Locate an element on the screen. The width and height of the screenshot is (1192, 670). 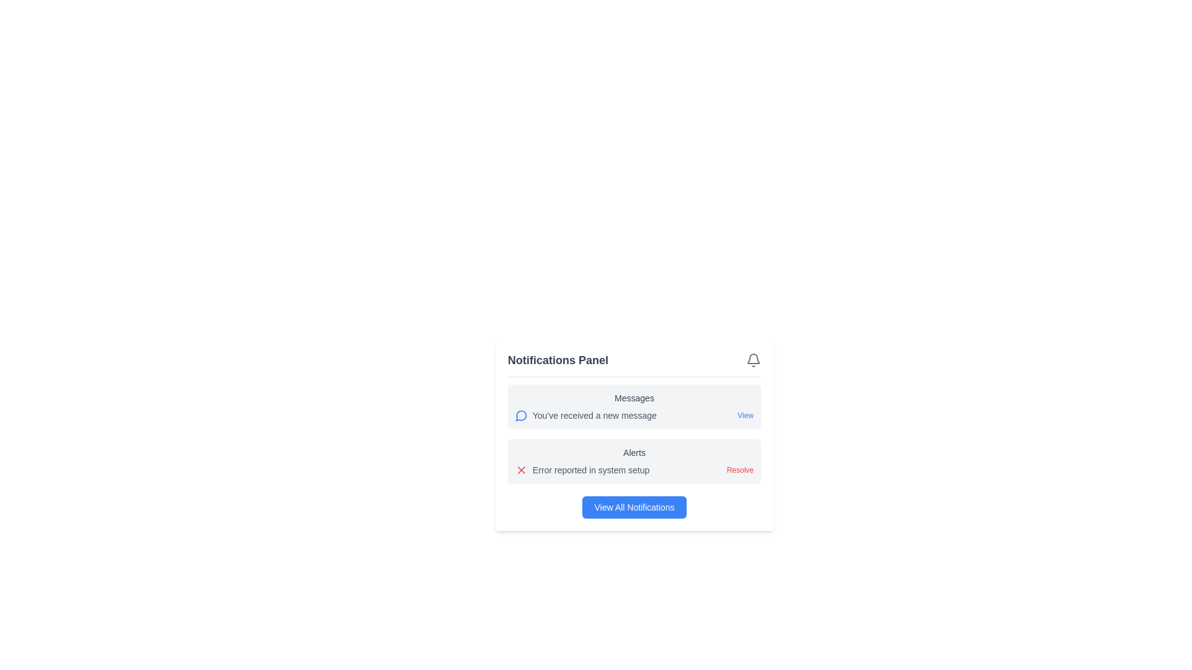
the fifth button in the 'Alerts' section, positioned to the far right of the text 'Error reported in system setup', to initiate resolution is located at coordinates (740, 470).